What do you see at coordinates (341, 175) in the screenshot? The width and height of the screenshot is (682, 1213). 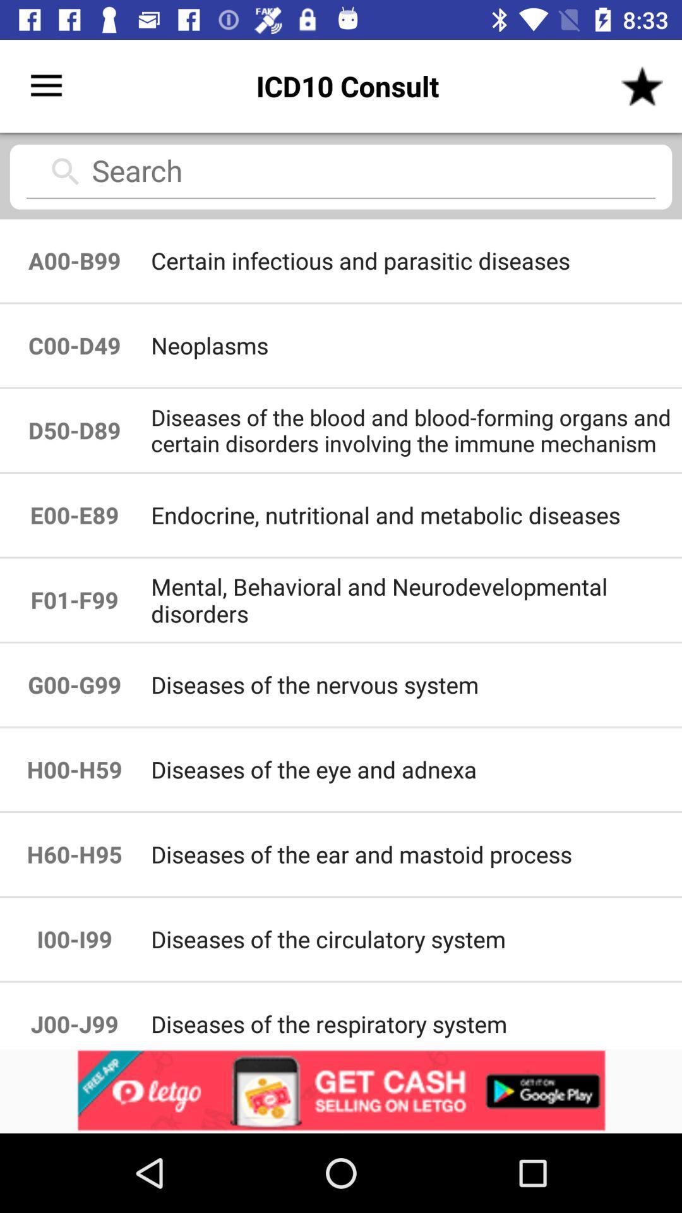 I see `search function` at bounding box center [341, 175].